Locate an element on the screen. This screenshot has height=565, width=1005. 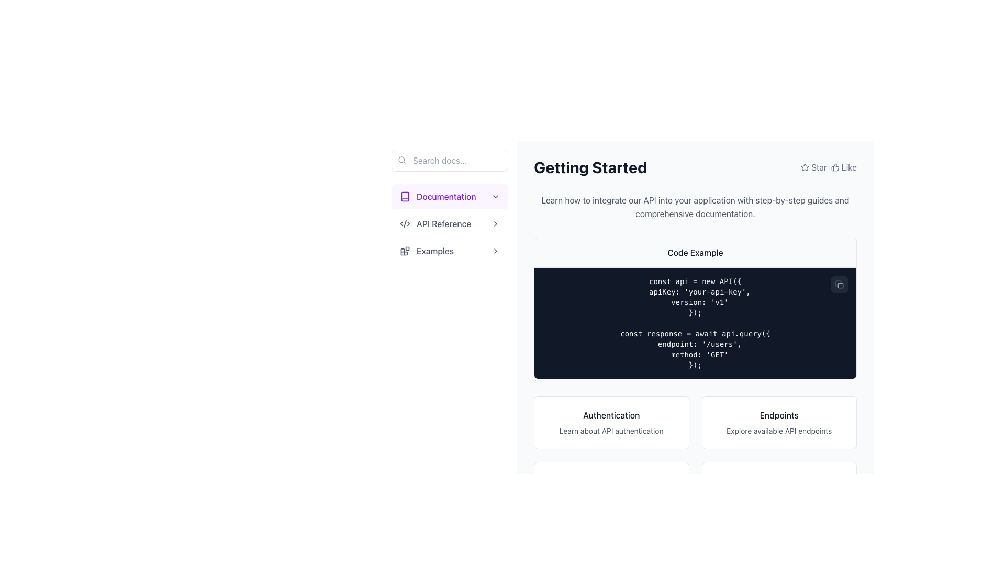
the text label that reads 'Code Example', which is styled in a medium-weight font and dark gray color, located at the top of a bordered section with a light gray background is located at coordinates (695, 252).